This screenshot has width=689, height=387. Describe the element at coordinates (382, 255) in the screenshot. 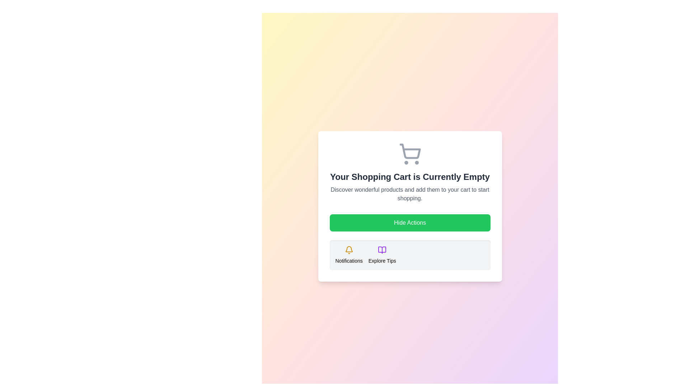

I see `the informational section button located to the right of the 'Notifications' block` at that location.